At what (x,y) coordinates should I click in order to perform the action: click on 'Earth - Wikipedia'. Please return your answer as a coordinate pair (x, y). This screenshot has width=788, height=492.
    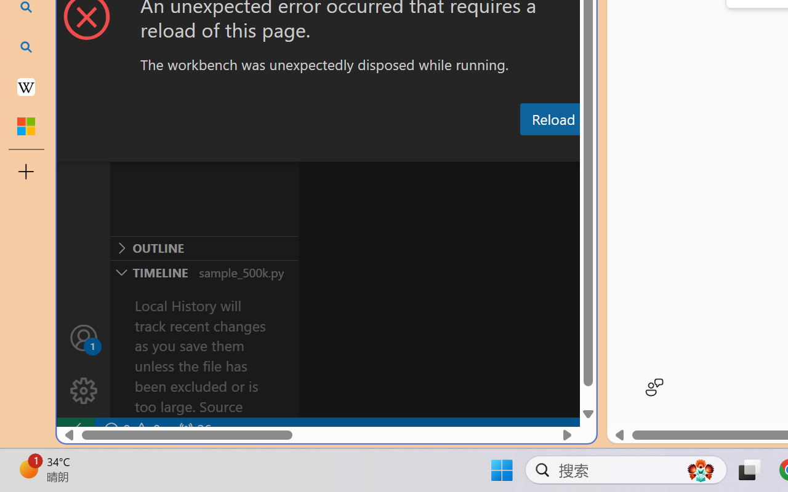
    Looking at the image, I should click on (26, 86).